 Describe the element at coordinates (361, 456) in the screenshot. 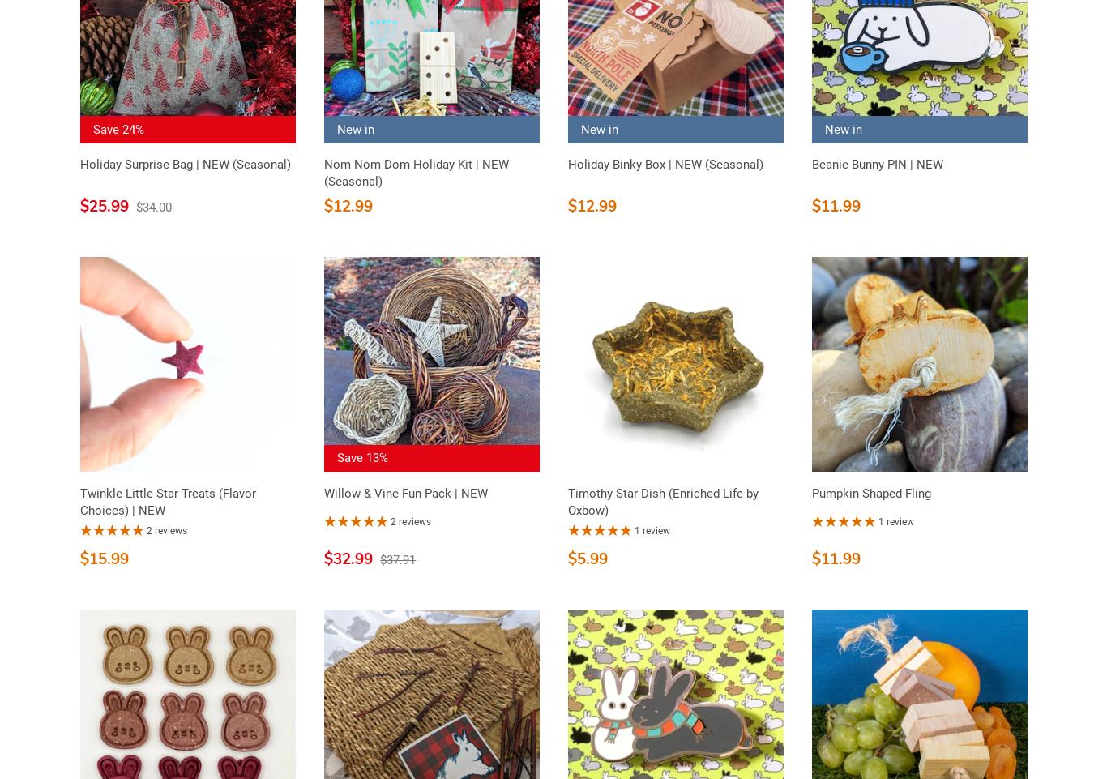

I see `'Save 13%'` at that location.